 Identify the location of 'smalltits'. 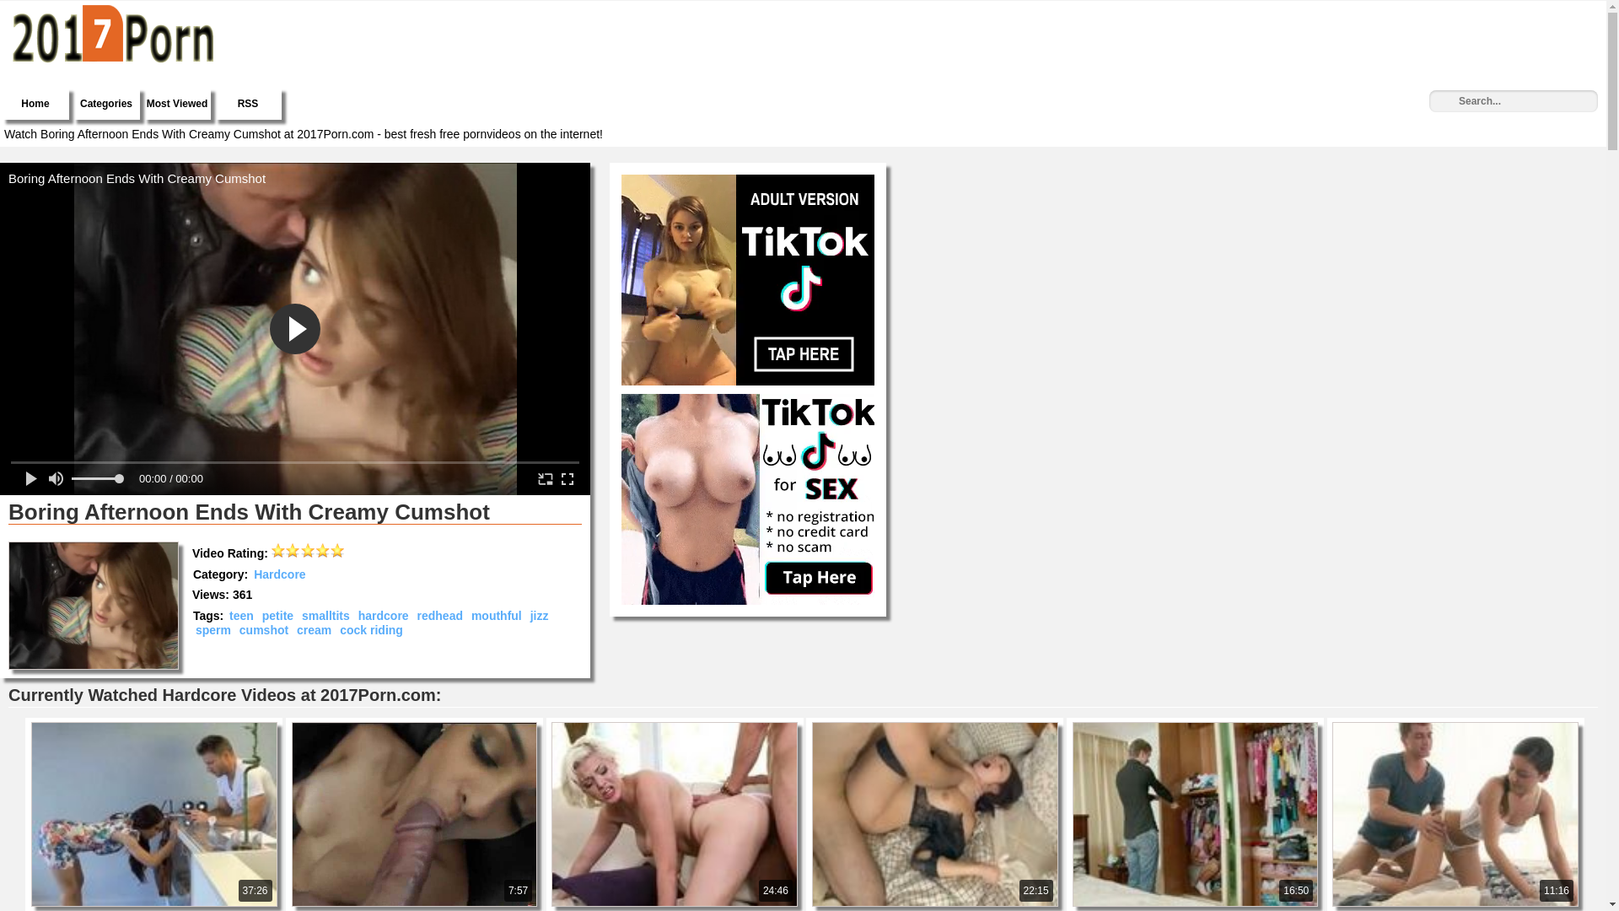
(325, 615).